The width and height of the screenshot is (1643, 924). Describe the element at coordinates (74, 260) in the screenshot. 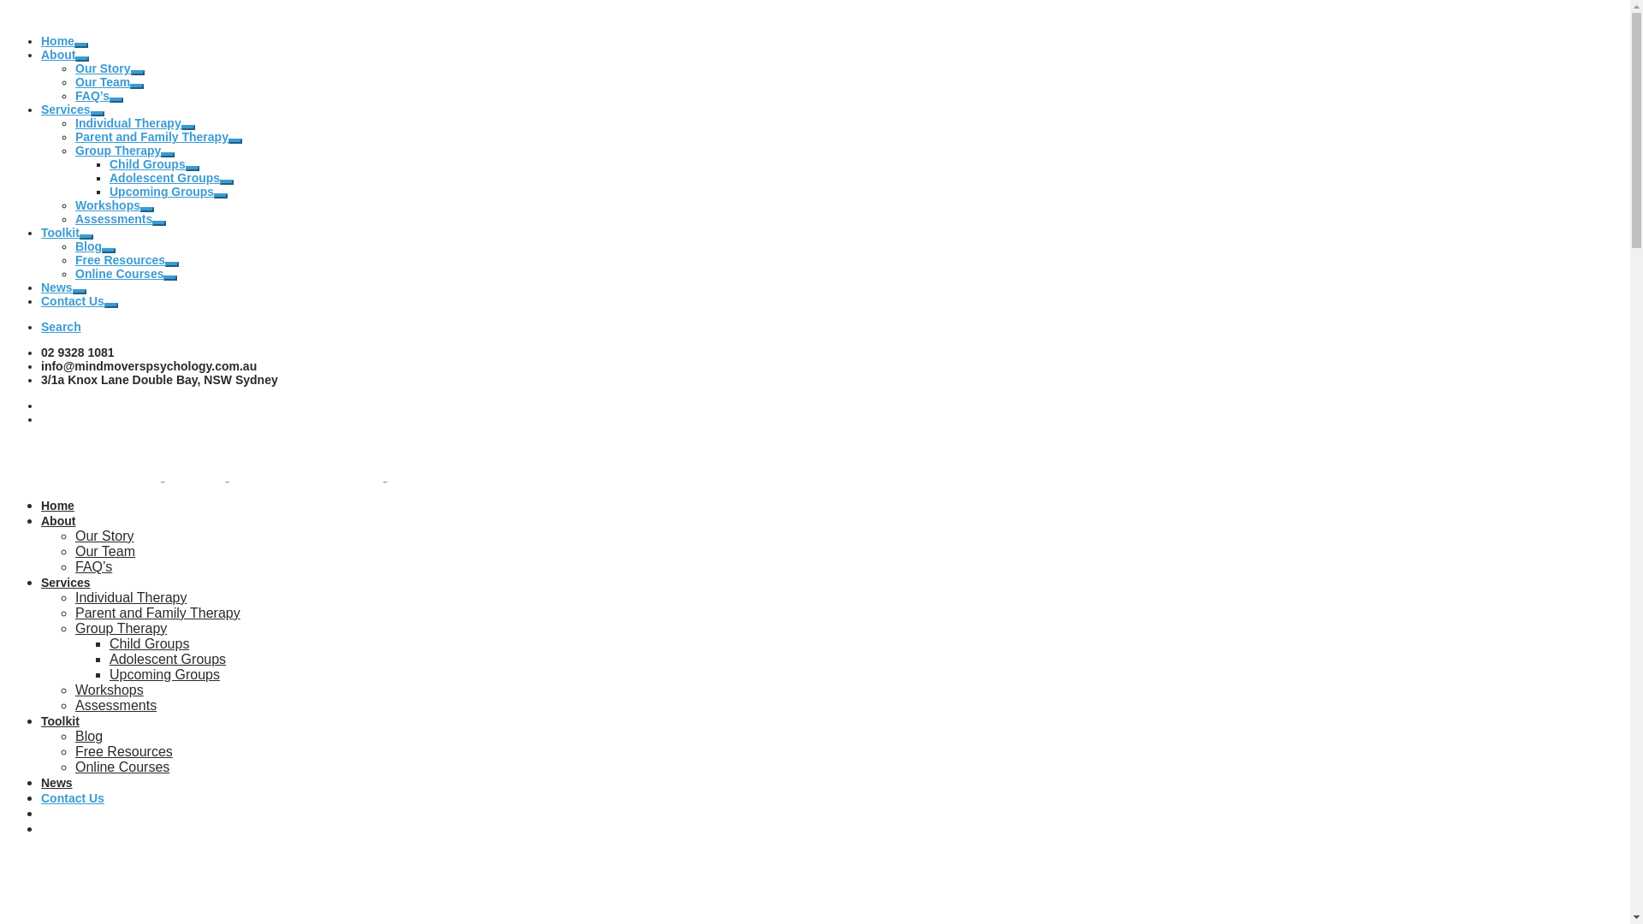

I see `'Free Resources'` at that location.